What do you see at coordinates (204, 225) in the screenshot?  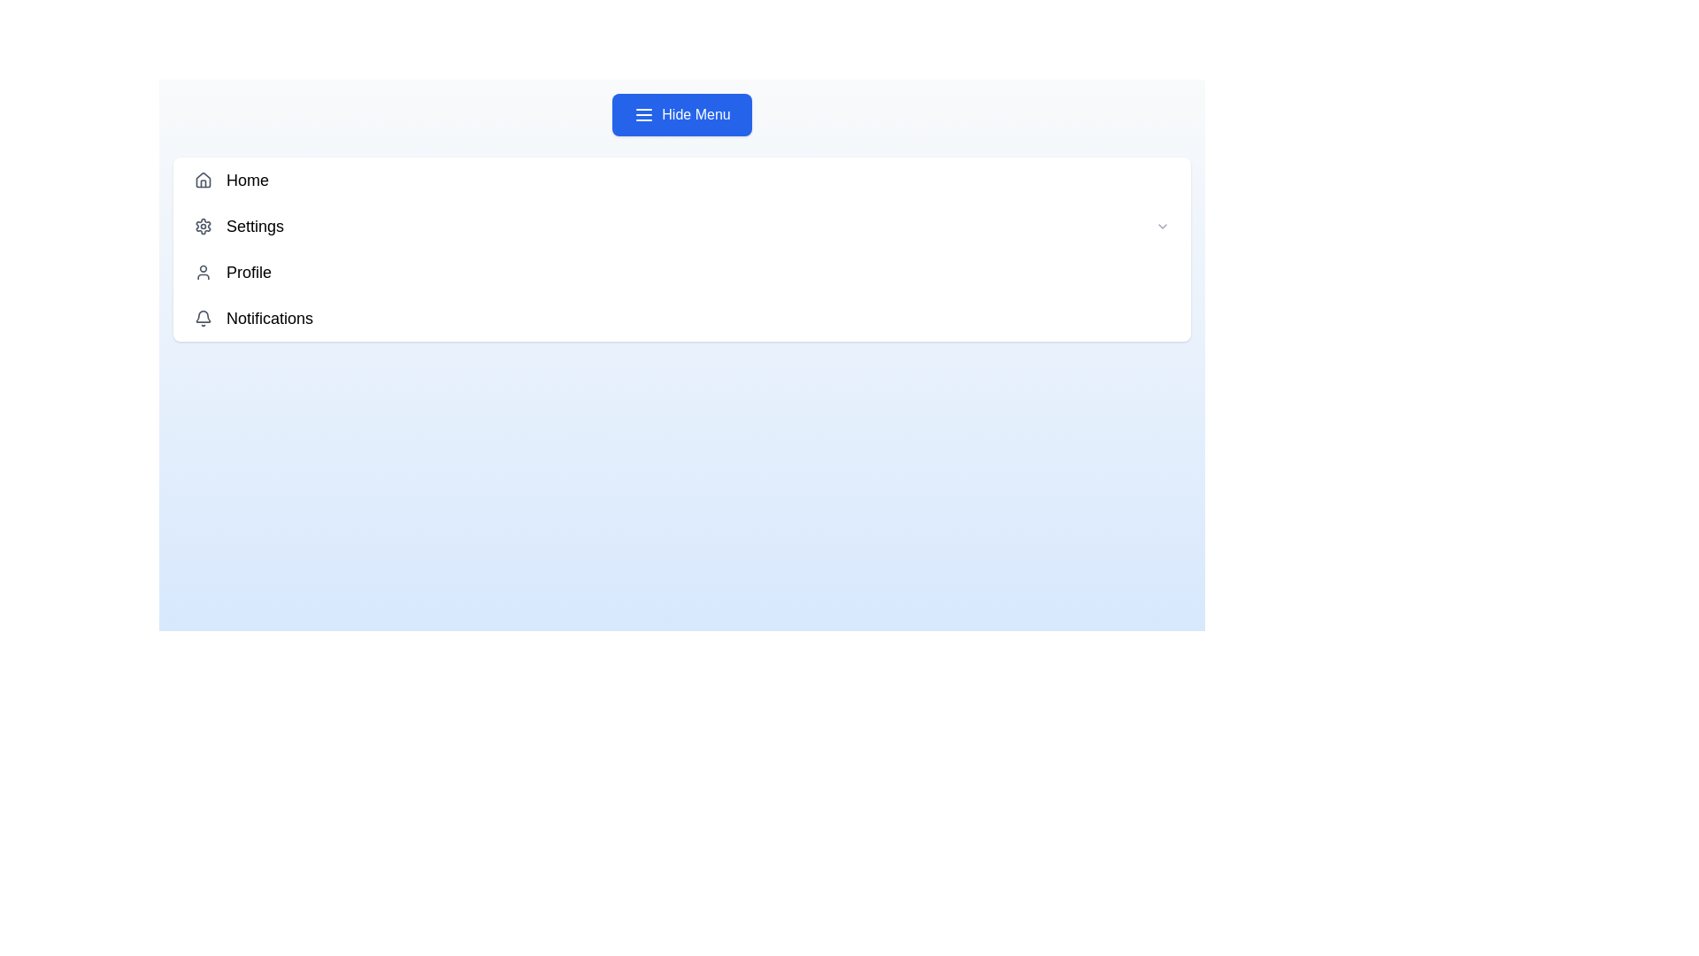 I see `the 'Settings' icon located in the navigation menu, which is positioned to the left of the 'Settings' label and is the second icon in the vertical list of navigation items` at bounding box center [204, 225].